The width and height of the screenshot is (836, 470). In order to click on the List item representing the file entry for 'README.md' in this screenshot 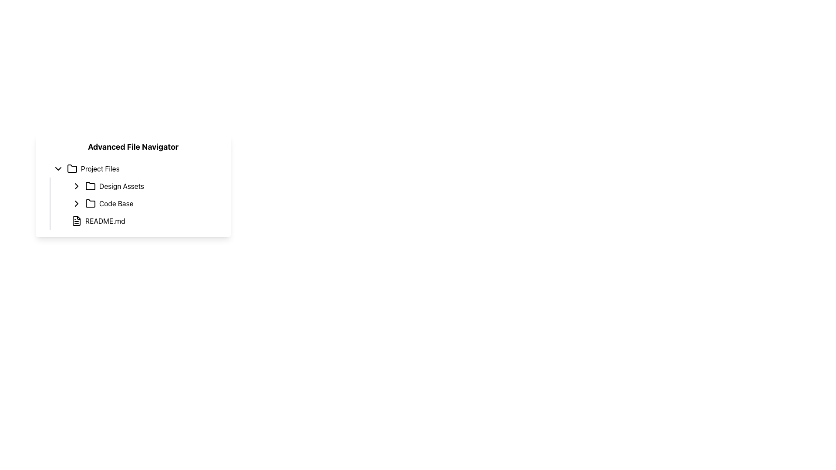, I will do `click(146, 221)`.